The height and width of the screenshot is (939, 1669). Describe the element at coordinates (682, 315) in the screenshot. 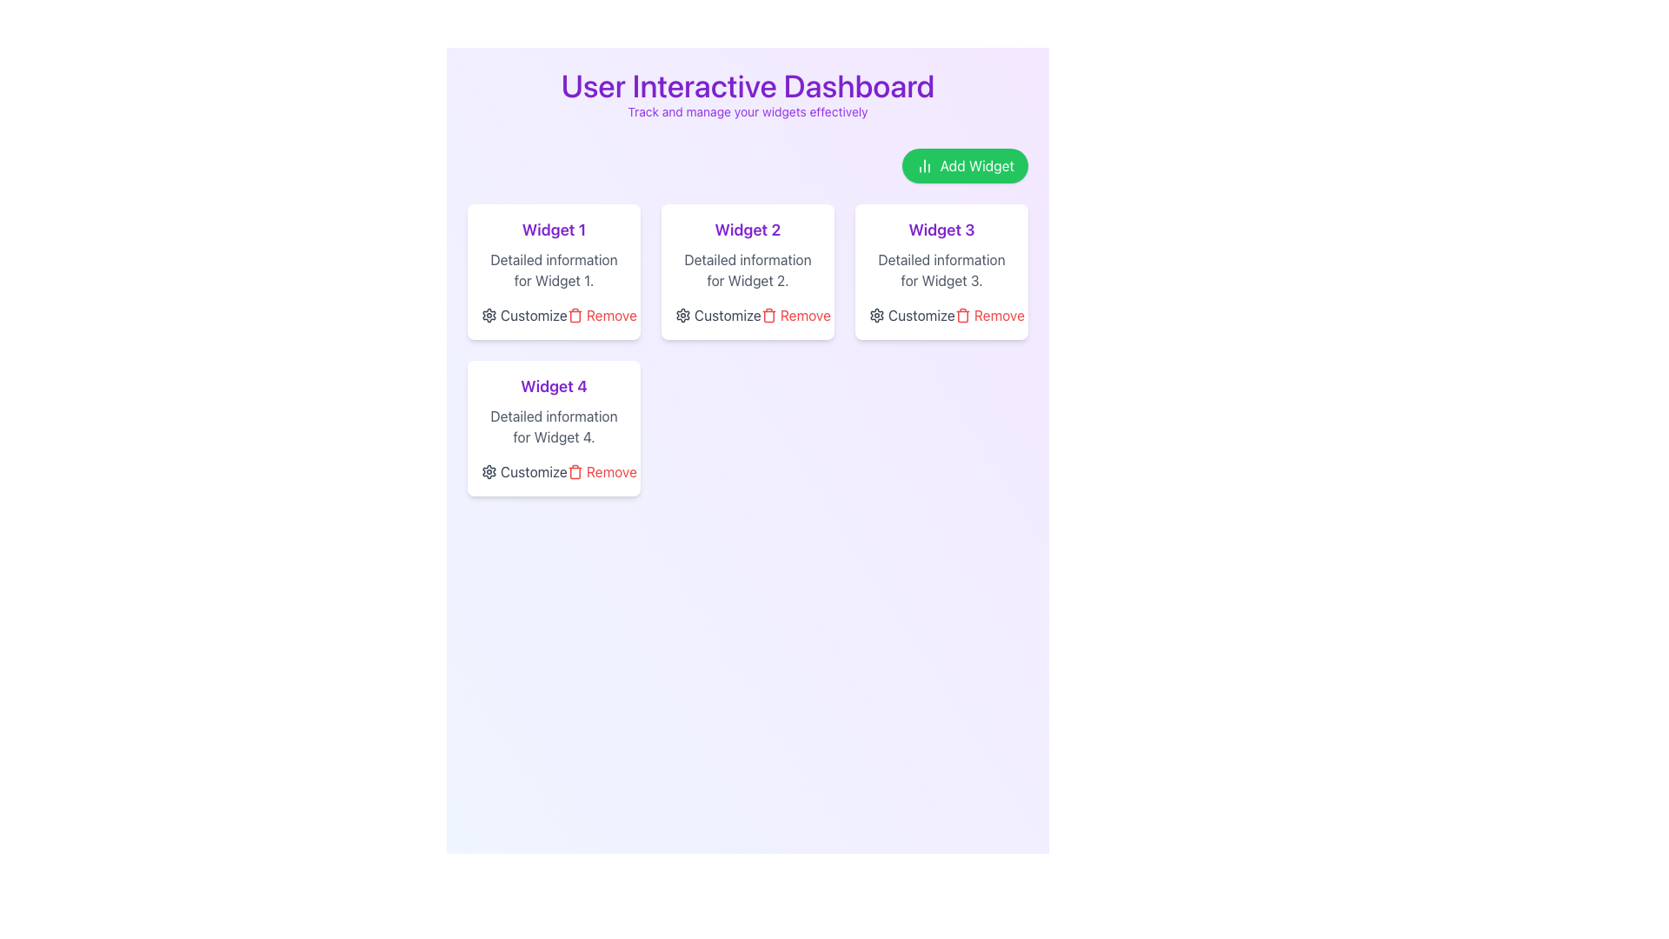

I see `the settings icon resembling a cogwheel located in 'Widget 2'` at that location.